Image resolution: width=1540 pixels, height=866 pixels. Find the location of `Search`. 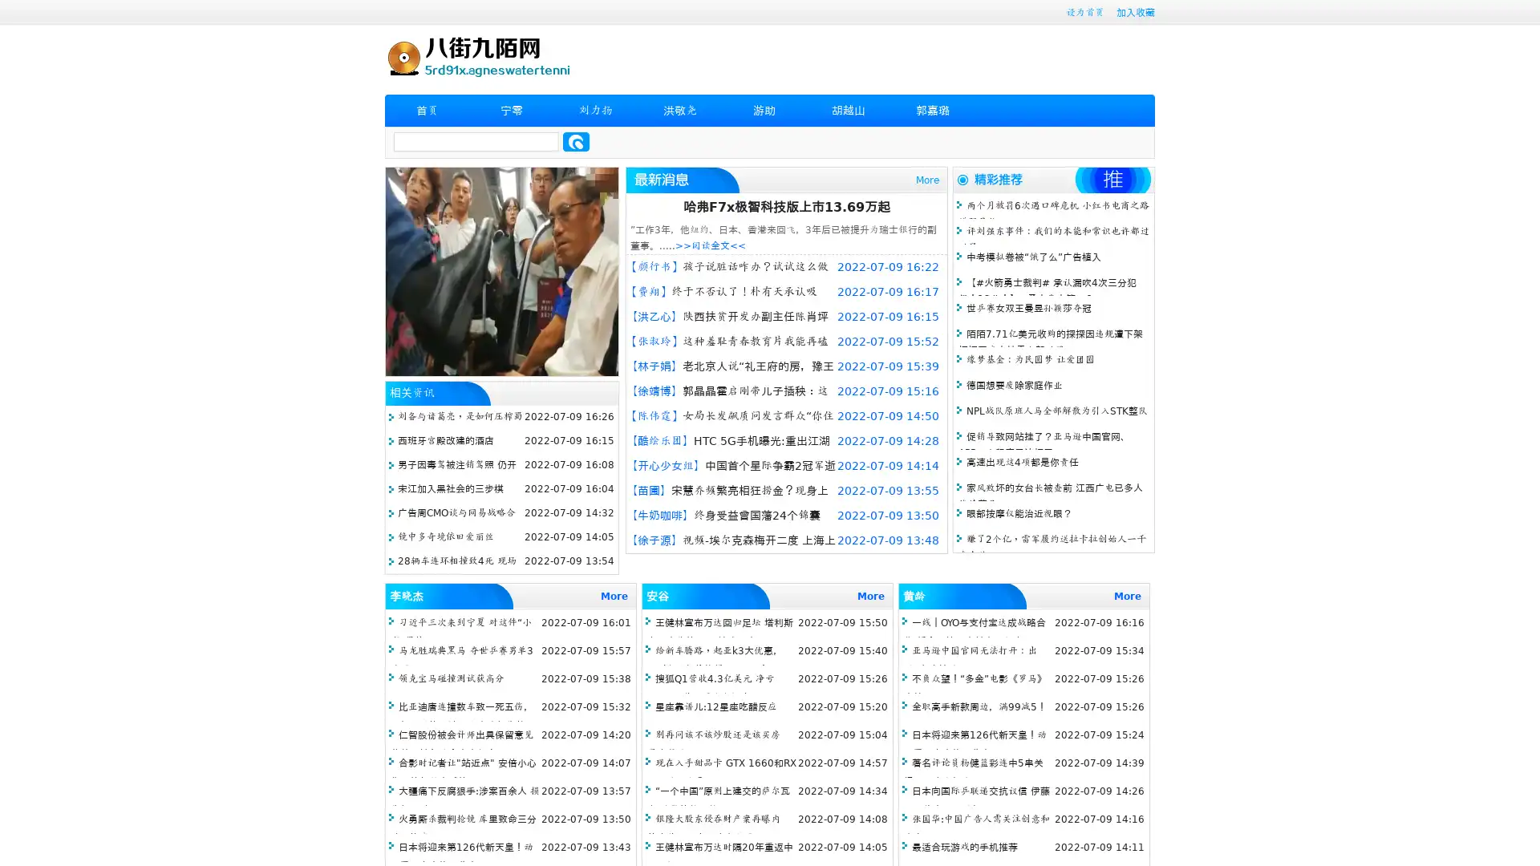

Search is located at coordinates (576, 141).